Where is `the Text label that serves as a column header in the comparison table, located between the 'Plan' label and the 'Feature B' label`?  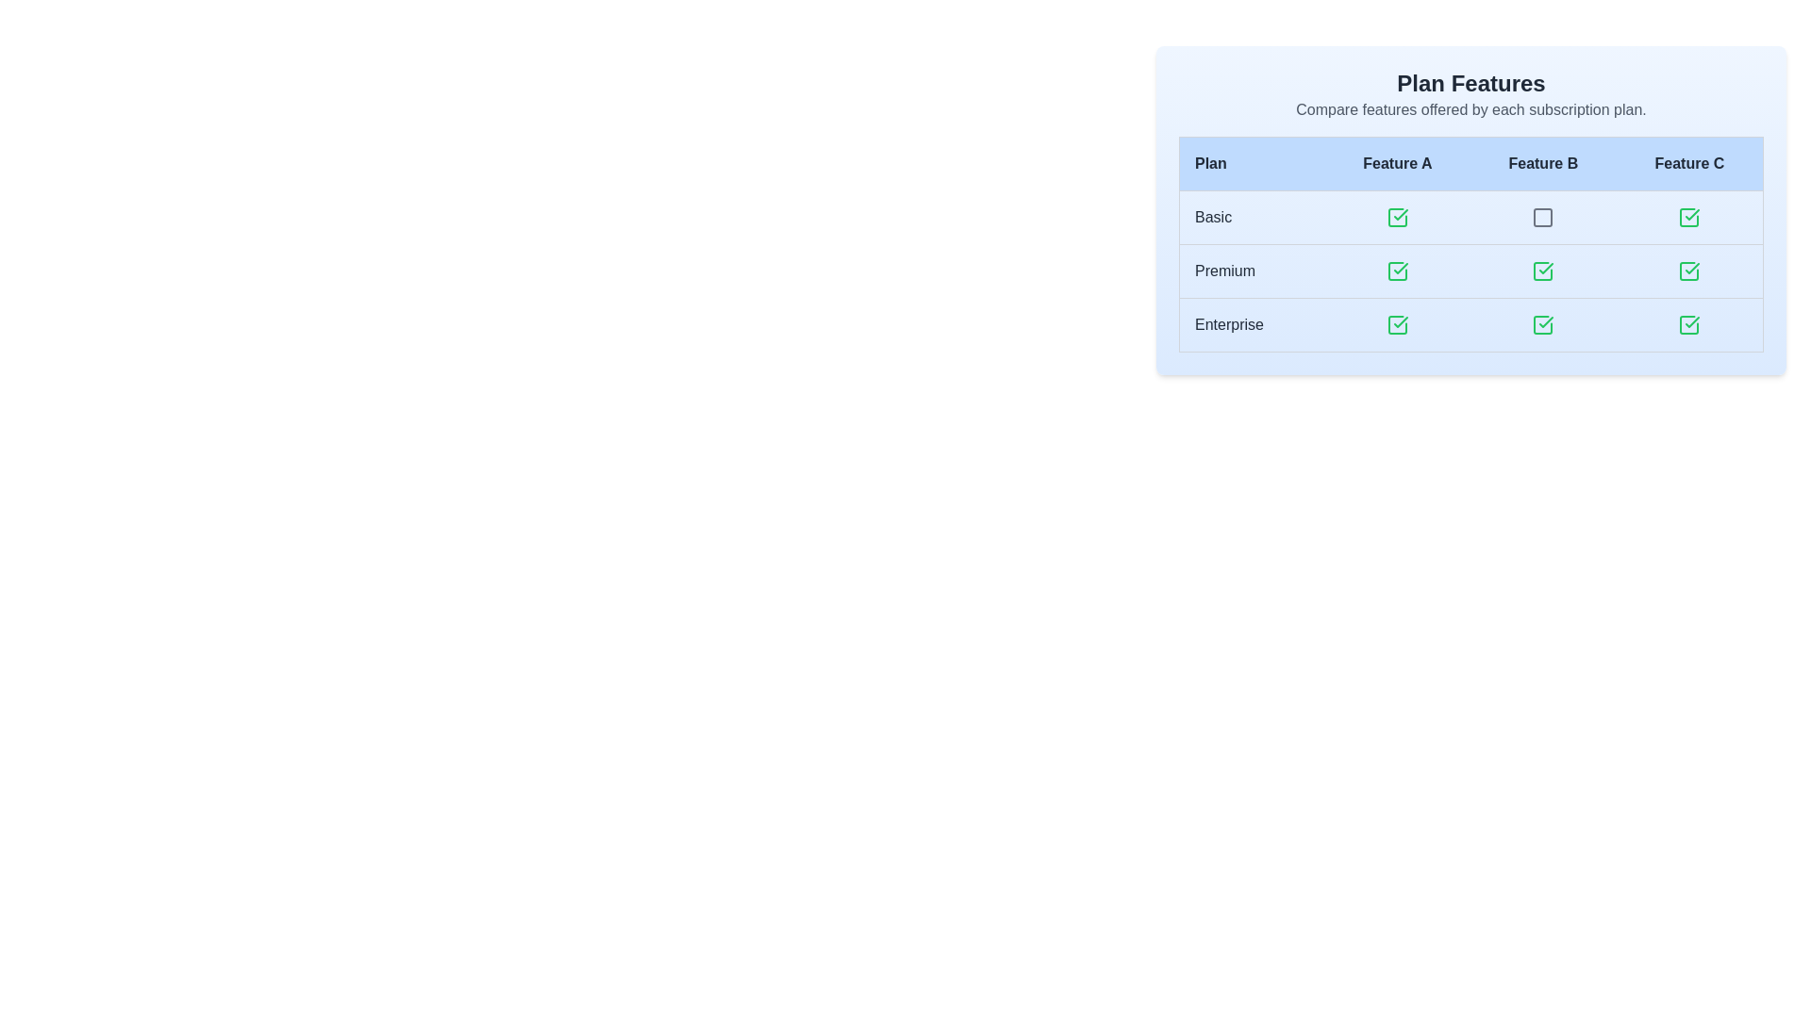 the Text label that serves as a column header in the comparison table, located between the 'Plan' label and the 'Feature B' label is located at coordinates (1397, 162).